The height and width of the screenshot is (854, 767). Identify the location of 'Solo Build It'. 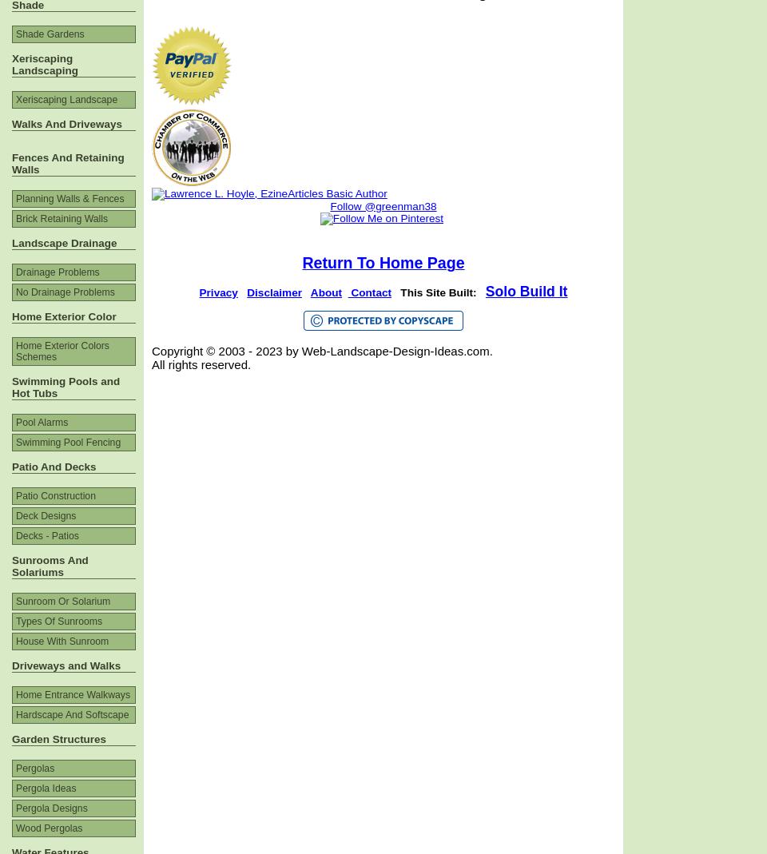
(525, 290).